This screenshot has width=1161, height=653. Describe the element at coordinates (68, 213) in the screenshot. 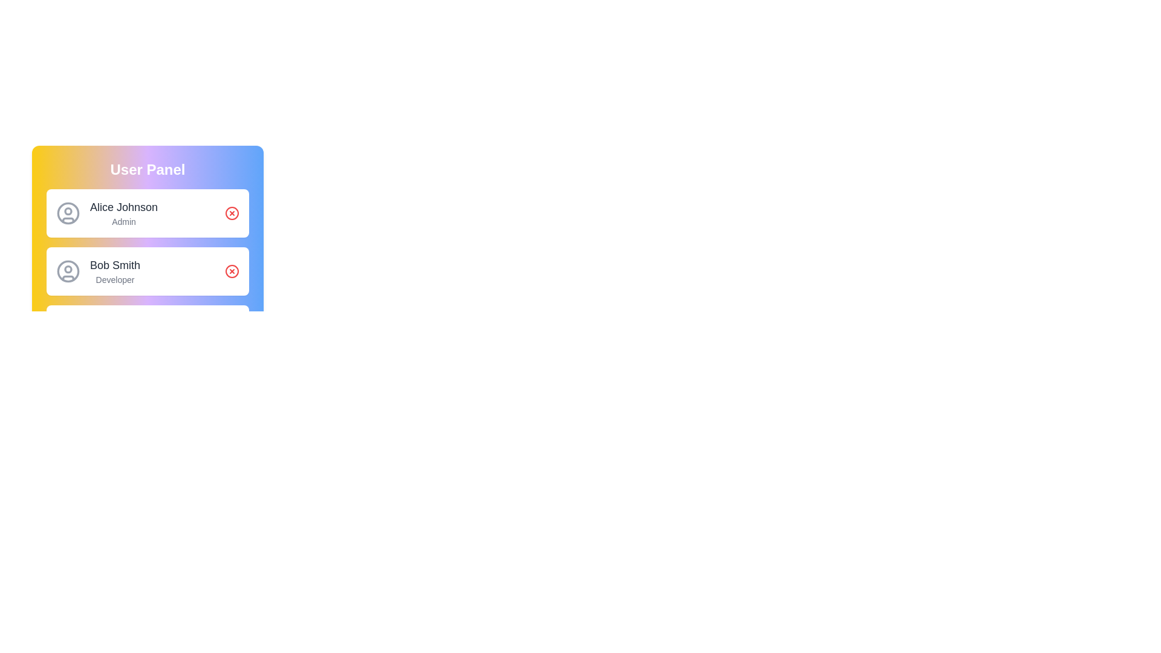

I see `the user profile icon for 'Alice Johnson' located at the top-left corner of the user card, which helps in distinguishing different users` at that location.